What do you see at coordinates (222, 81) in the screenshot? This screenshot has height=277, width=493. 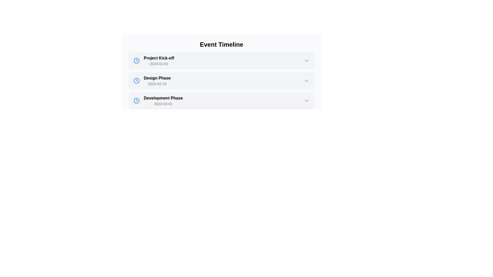 I see `the List item component with expandable functionality located between 'Project Kick-off' and 'Development Phase'` at bounding box center [222, 81].